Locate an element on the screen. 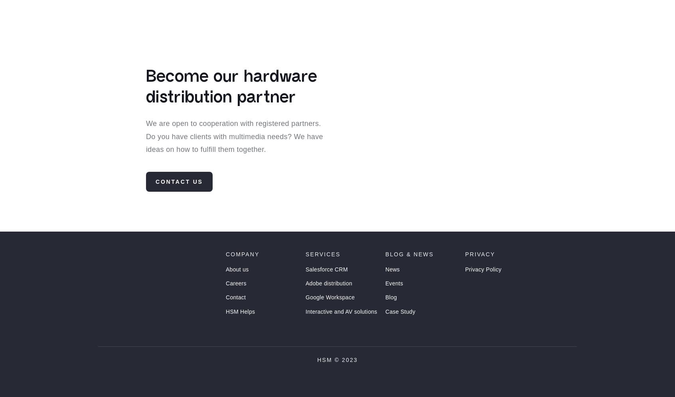  'Contact us' is located at coordinates (179, 196).